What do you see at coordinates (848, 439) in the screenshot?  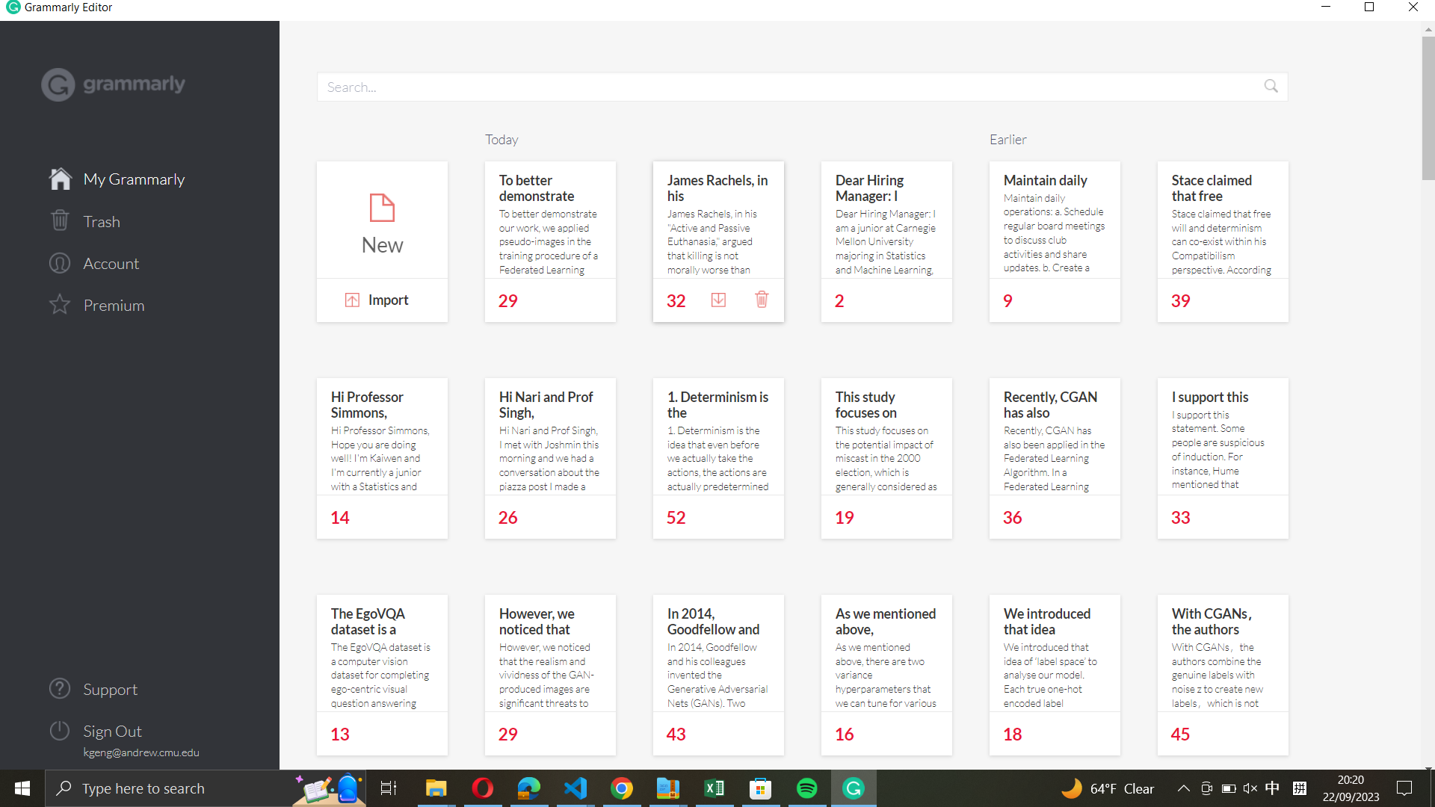 I see `Navigate further in the notes section` at bounding box center [848, 439].